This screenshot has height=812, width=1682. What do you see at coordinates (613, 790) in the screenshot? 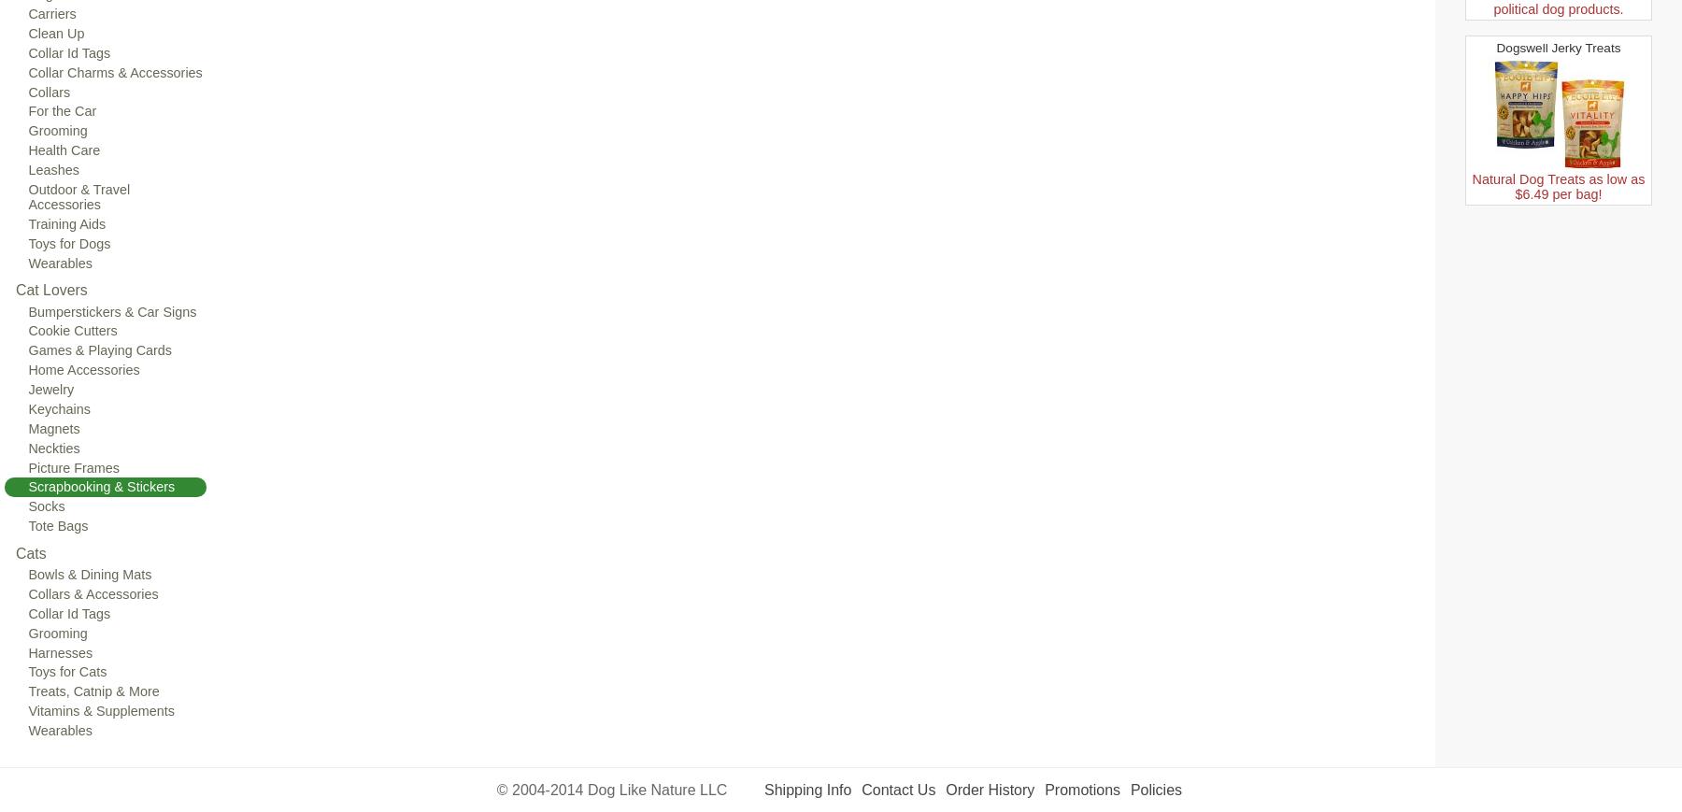
I see `'© 2004-2014 Dog Like Nature LLC'` at bounding box center [613, 790].